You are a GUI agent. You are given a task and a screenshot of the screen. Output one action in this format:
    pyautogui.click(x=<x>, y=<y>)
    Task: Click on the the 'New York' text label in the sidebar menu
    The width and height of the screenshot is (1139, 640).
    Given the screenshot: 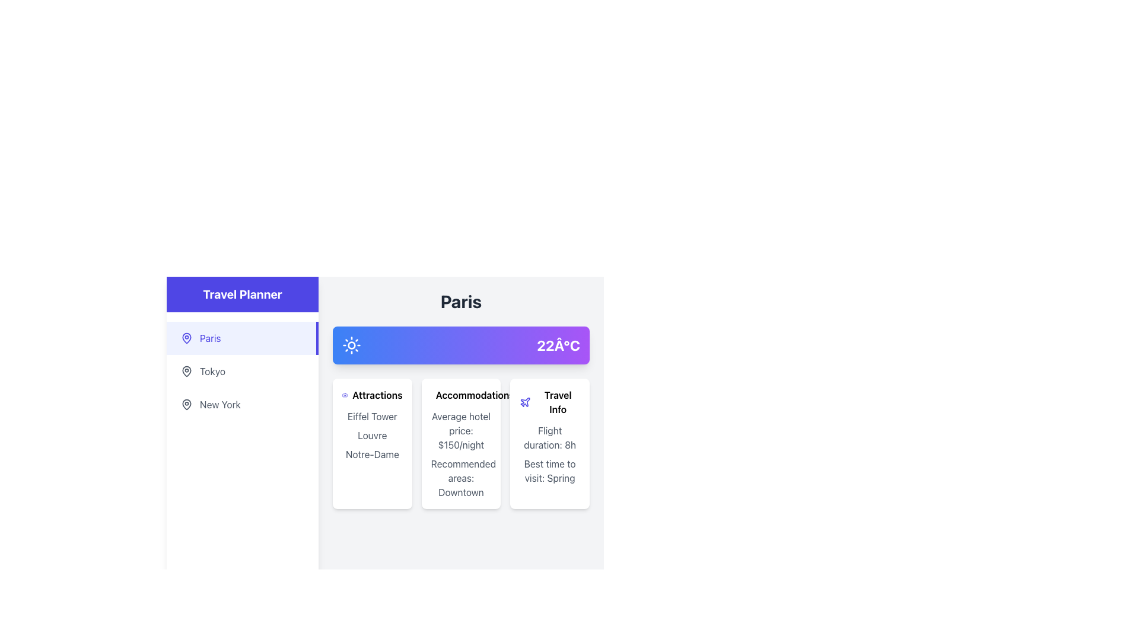 What is the action you would take?
    pyautogui.click(x=220, y=404)
    